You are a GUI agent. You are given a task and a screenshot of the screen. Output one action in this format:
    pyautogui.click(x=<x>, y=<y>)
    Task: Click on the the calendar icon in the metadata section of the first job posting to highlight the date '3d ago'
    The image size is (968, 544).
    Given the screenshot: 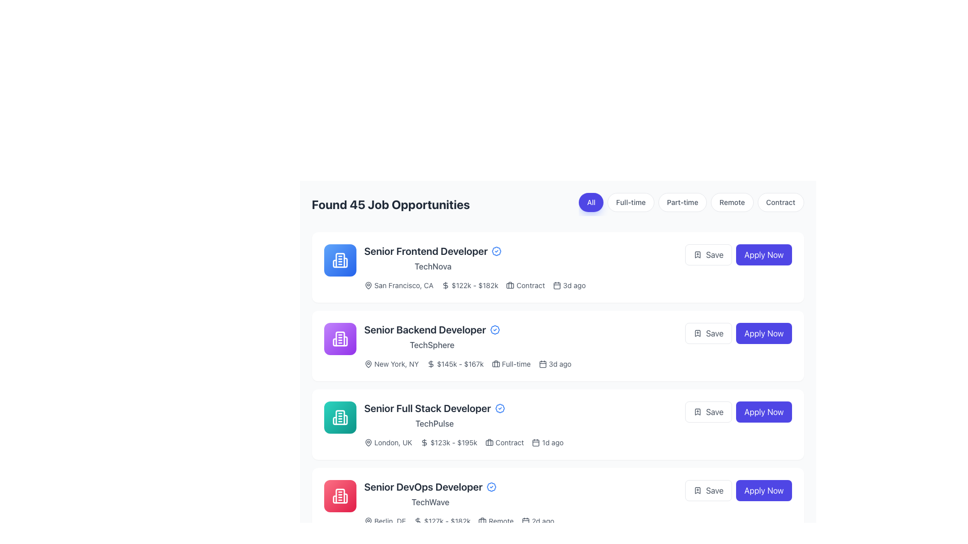 What is the action you would take?
    pyautogui.click(x=569, y=286)
    